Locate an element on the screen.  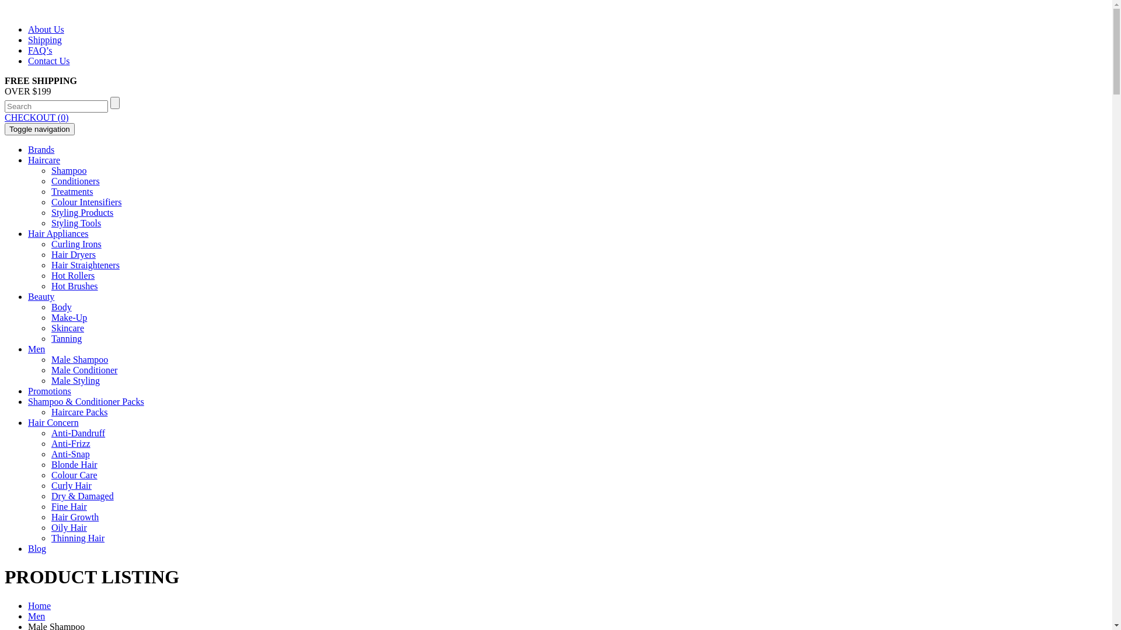
'Shipping' is located at coordinates (44, 39).